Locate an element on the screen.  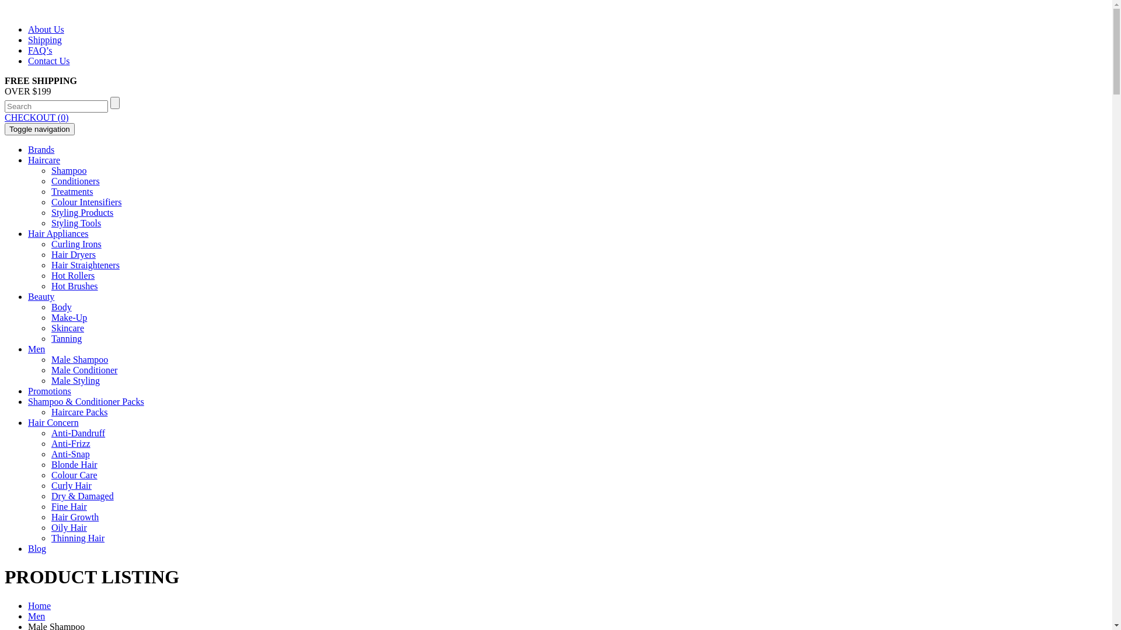
'Shipping' is located at coordinates (44, 39).